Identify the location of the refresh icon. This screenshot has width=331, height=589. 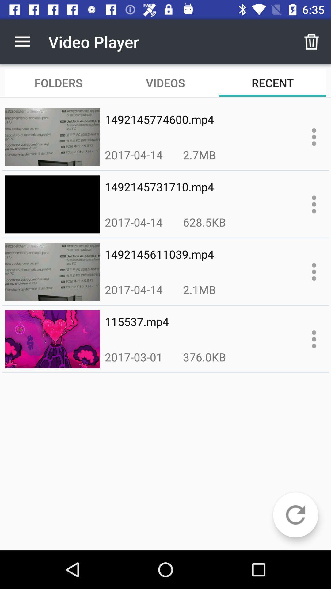
(295, 515).